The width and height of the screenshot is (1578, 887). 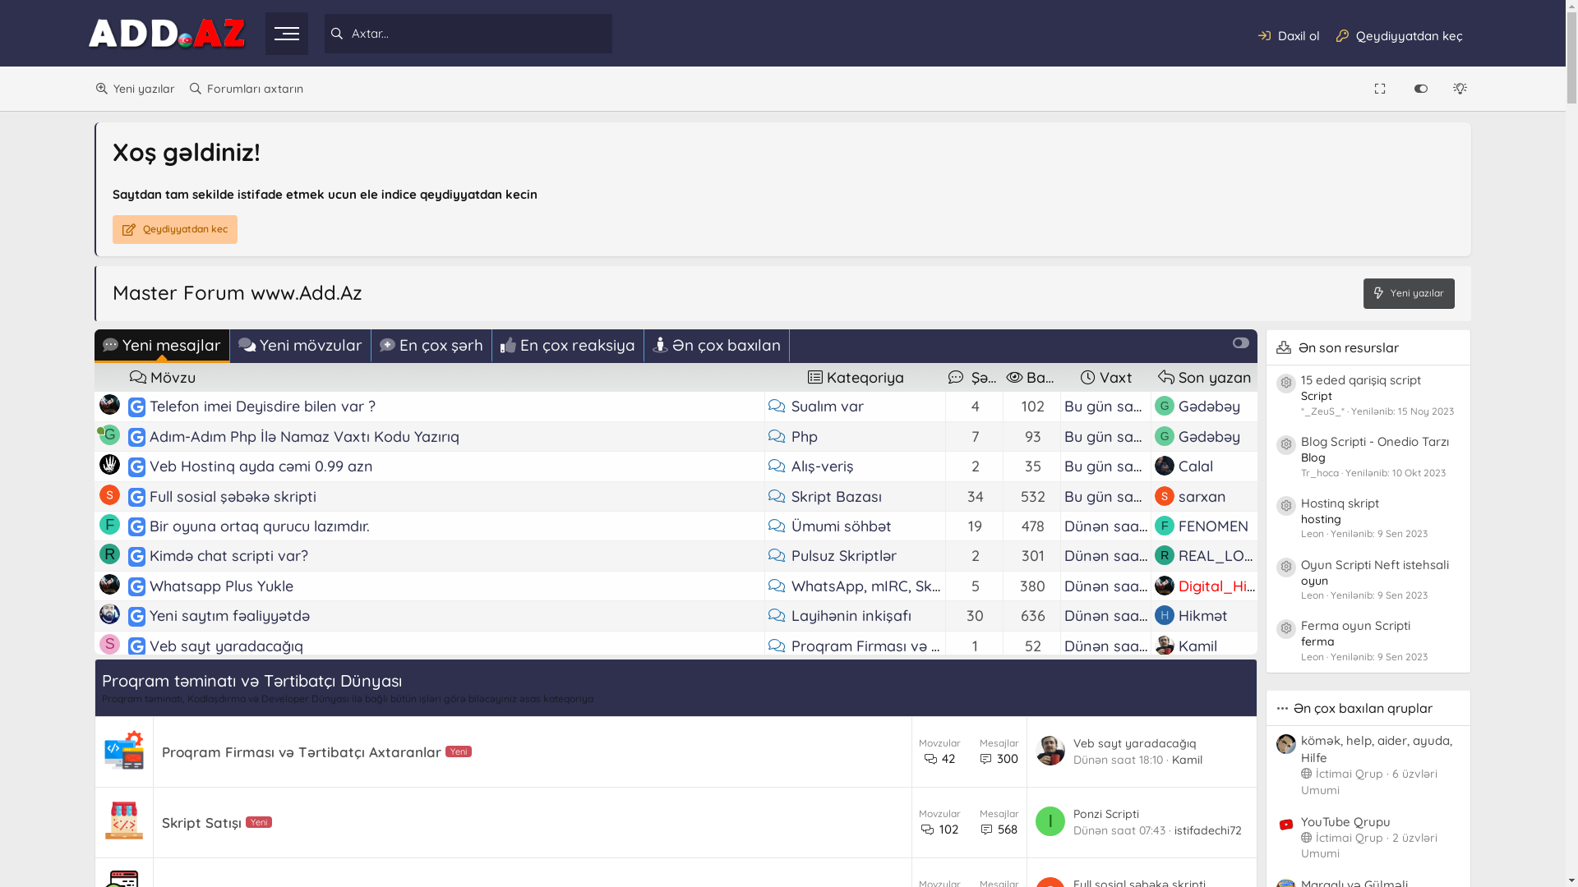 What do you see at coordinates (108, 733) in the screenshot?
I see `'G'` at bounding box center [108, 733].